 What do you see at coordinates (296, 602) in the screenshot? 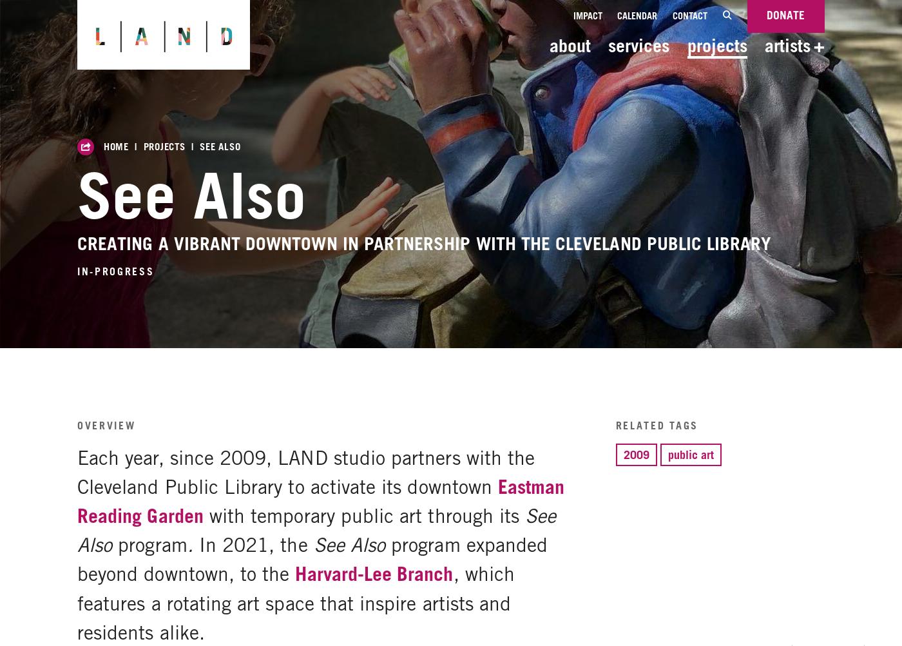
I see `', which features a rotating art space that inspire artists and residents alike.'` at bounding box center [296, 602].